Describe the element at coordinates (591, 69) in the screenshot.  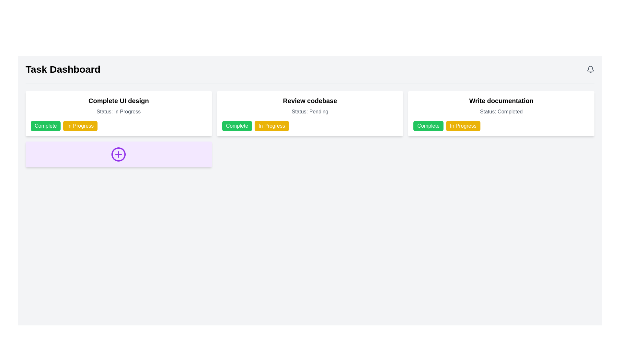
I see `the gray bell icon located at the top-right corner of the interface, next to 'Task Dashboard'` at that location.